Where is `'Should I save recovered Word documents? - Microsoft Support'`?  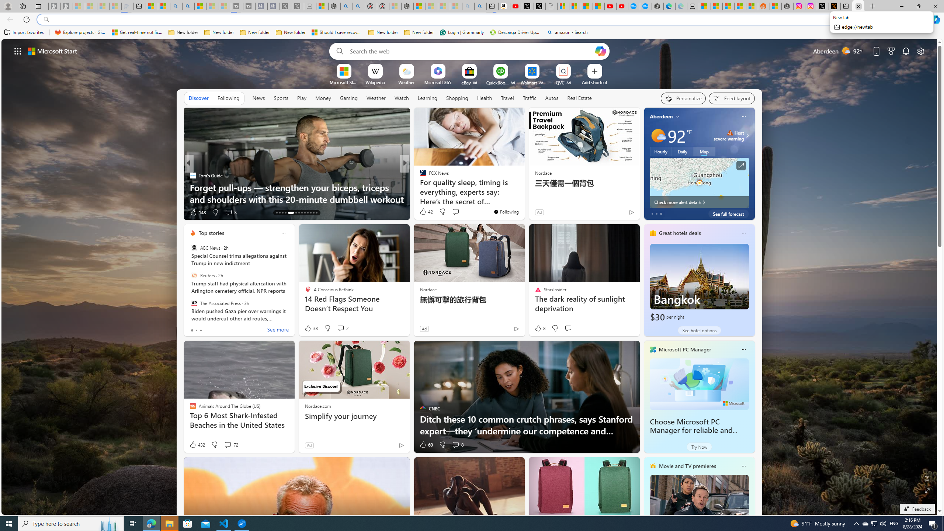
'Should I save recovered Word documents? - Microsoft Support' is located at coordinates (337, 32).